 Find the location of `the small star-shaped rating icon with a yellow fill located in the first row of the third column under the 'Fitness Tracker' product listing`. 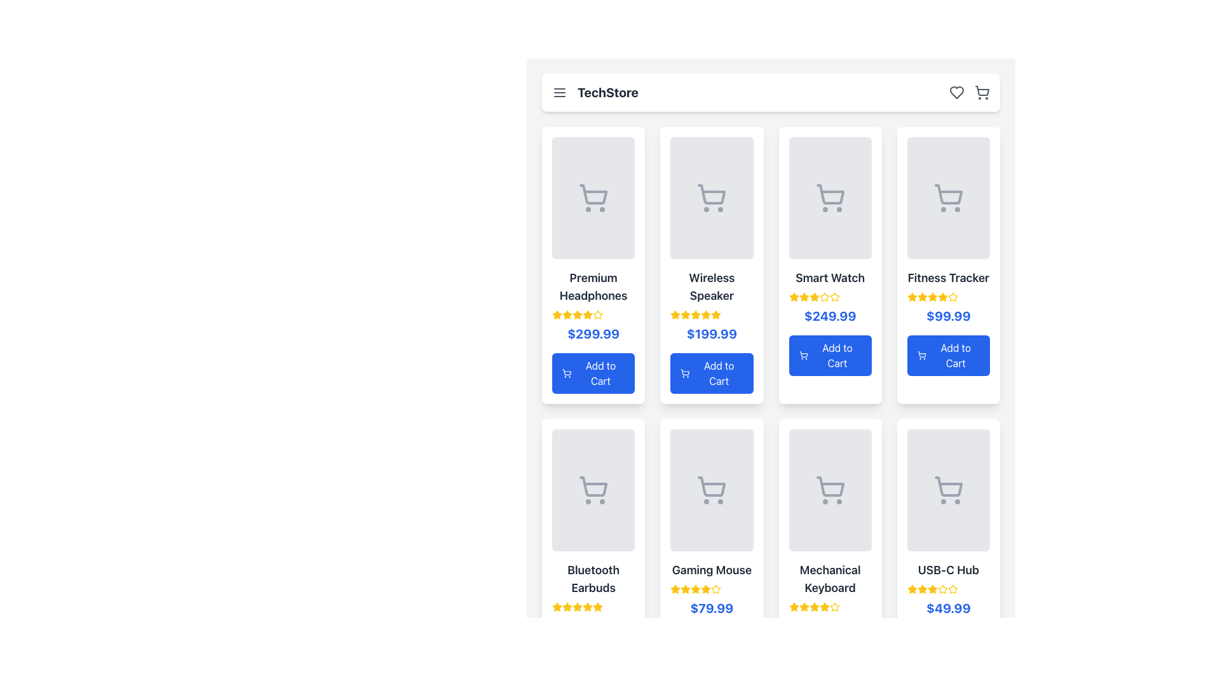

the small star-shaped rating icon with a yellow fill located in the first row of the third column under the 'Fitness Tracker' product listing is located at coordinates (932, 297).